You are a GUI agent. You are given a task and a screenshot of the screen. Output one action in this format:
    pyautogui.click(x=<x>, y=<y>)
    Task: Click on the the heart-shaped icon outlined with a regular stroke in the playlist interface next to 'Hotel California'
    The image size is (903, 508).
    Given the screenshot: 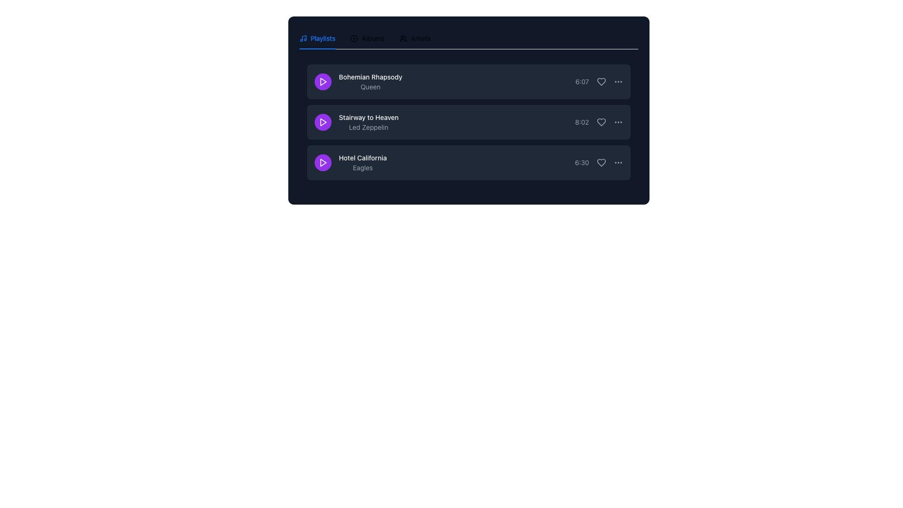 What is the action you would take?
    pyautogui.click(x=601, y=162)
    